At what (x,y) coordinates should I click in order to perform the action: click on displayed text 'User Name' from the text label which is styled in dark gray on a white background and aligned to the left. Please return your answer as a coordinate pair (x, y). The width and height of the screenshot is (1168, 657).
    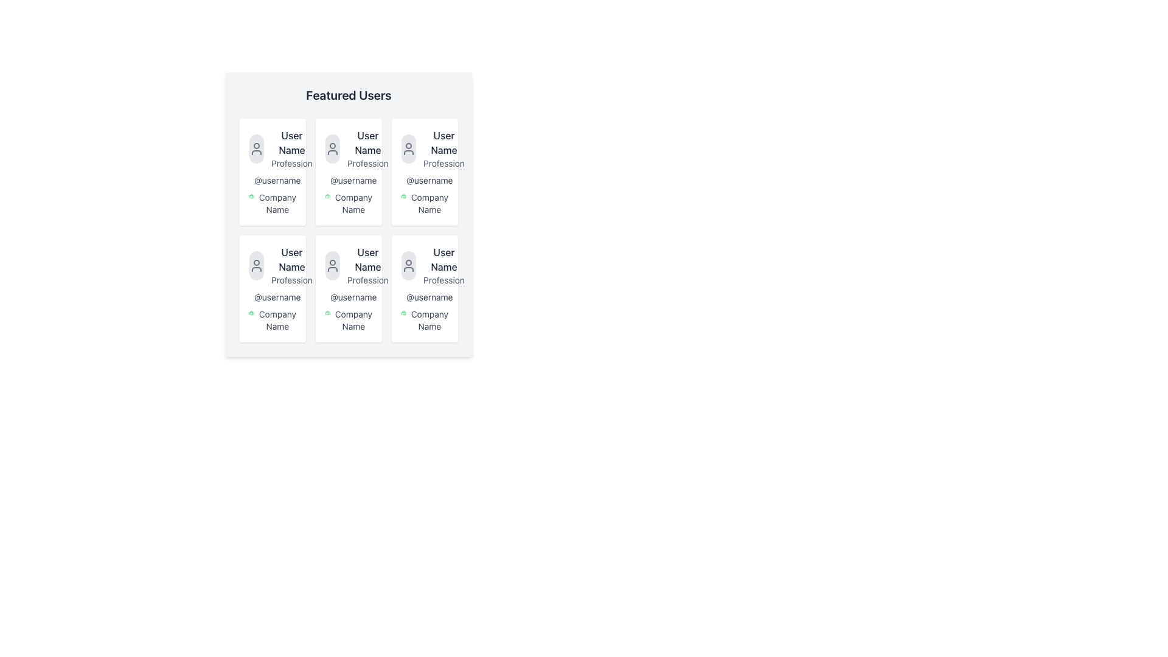
    Looking at the image, I should click on (443, 259).